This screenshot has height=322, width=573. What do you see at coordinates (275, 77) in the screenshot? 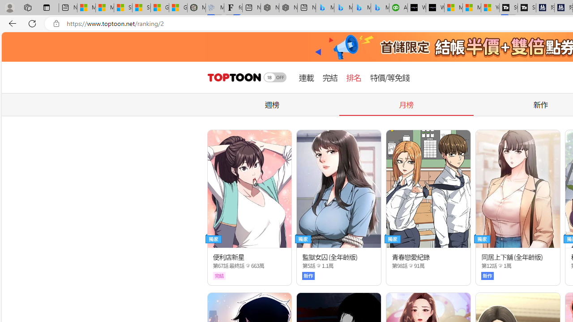
I see `'Class:  switch_18mode actionAdultBtn'` at bounding box center [275, 77].